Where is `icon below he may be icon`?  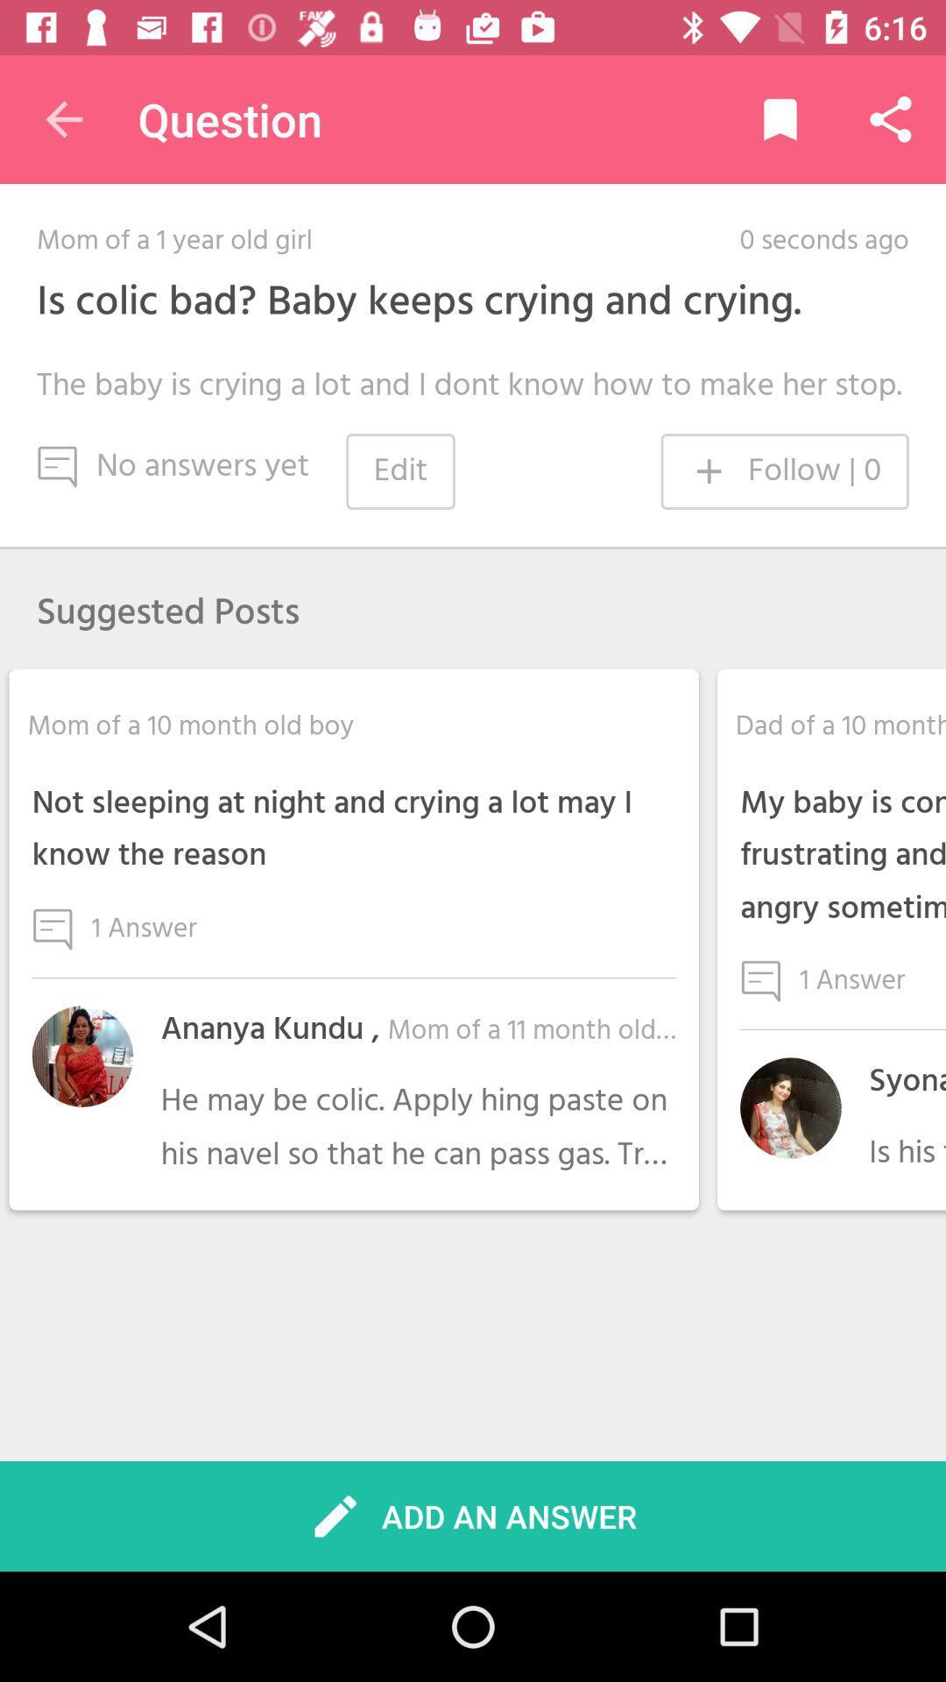
icon below he may be icon is located at coordinates (471, 1516).